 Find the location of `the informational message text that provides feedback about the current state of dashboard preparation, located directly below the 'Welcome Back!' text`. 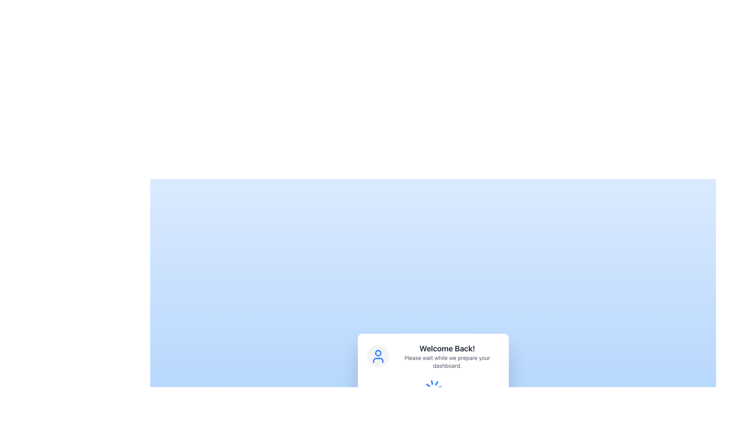

the informational message text that provides feedback about the current state of dashboard preparation, located directly below the 'Welcome Back!' text is located at coordinates (447, 362).